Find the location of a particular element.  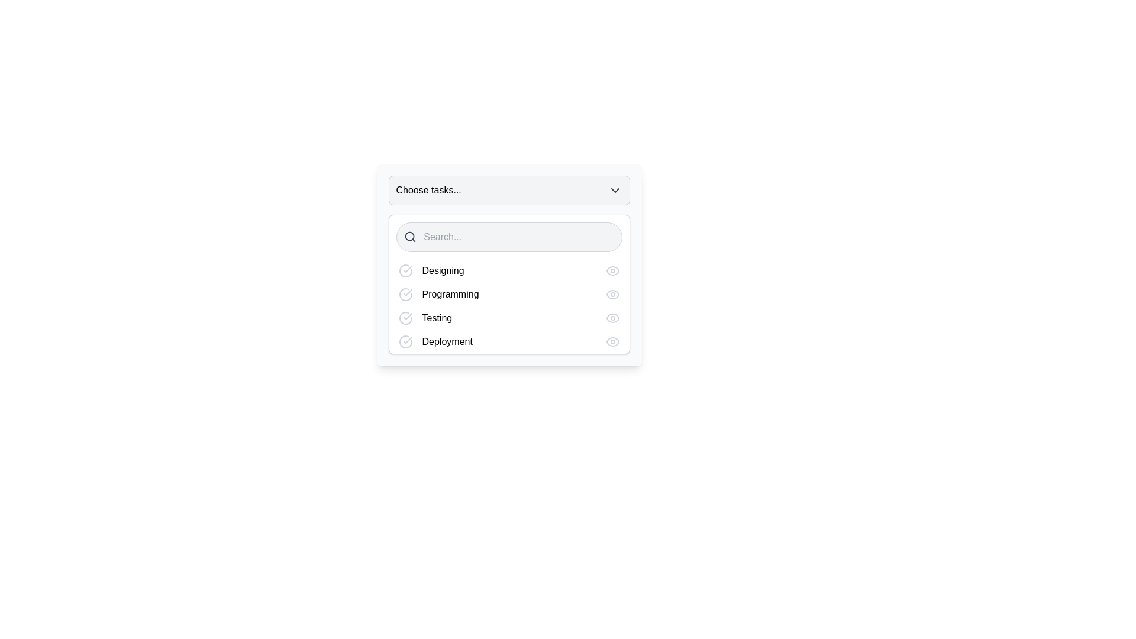

the center of the check mark icon within the circular outline that is located to the left of the 'Testing' label is located at coordinates (405, 317).